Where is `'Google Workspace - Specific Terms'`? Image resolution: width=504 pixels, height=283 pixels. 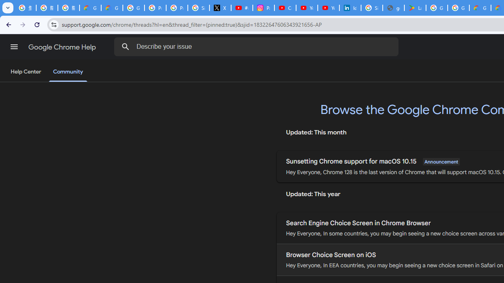
'Google Workspace - Specific Terms' is located at coordinates (458, 8).